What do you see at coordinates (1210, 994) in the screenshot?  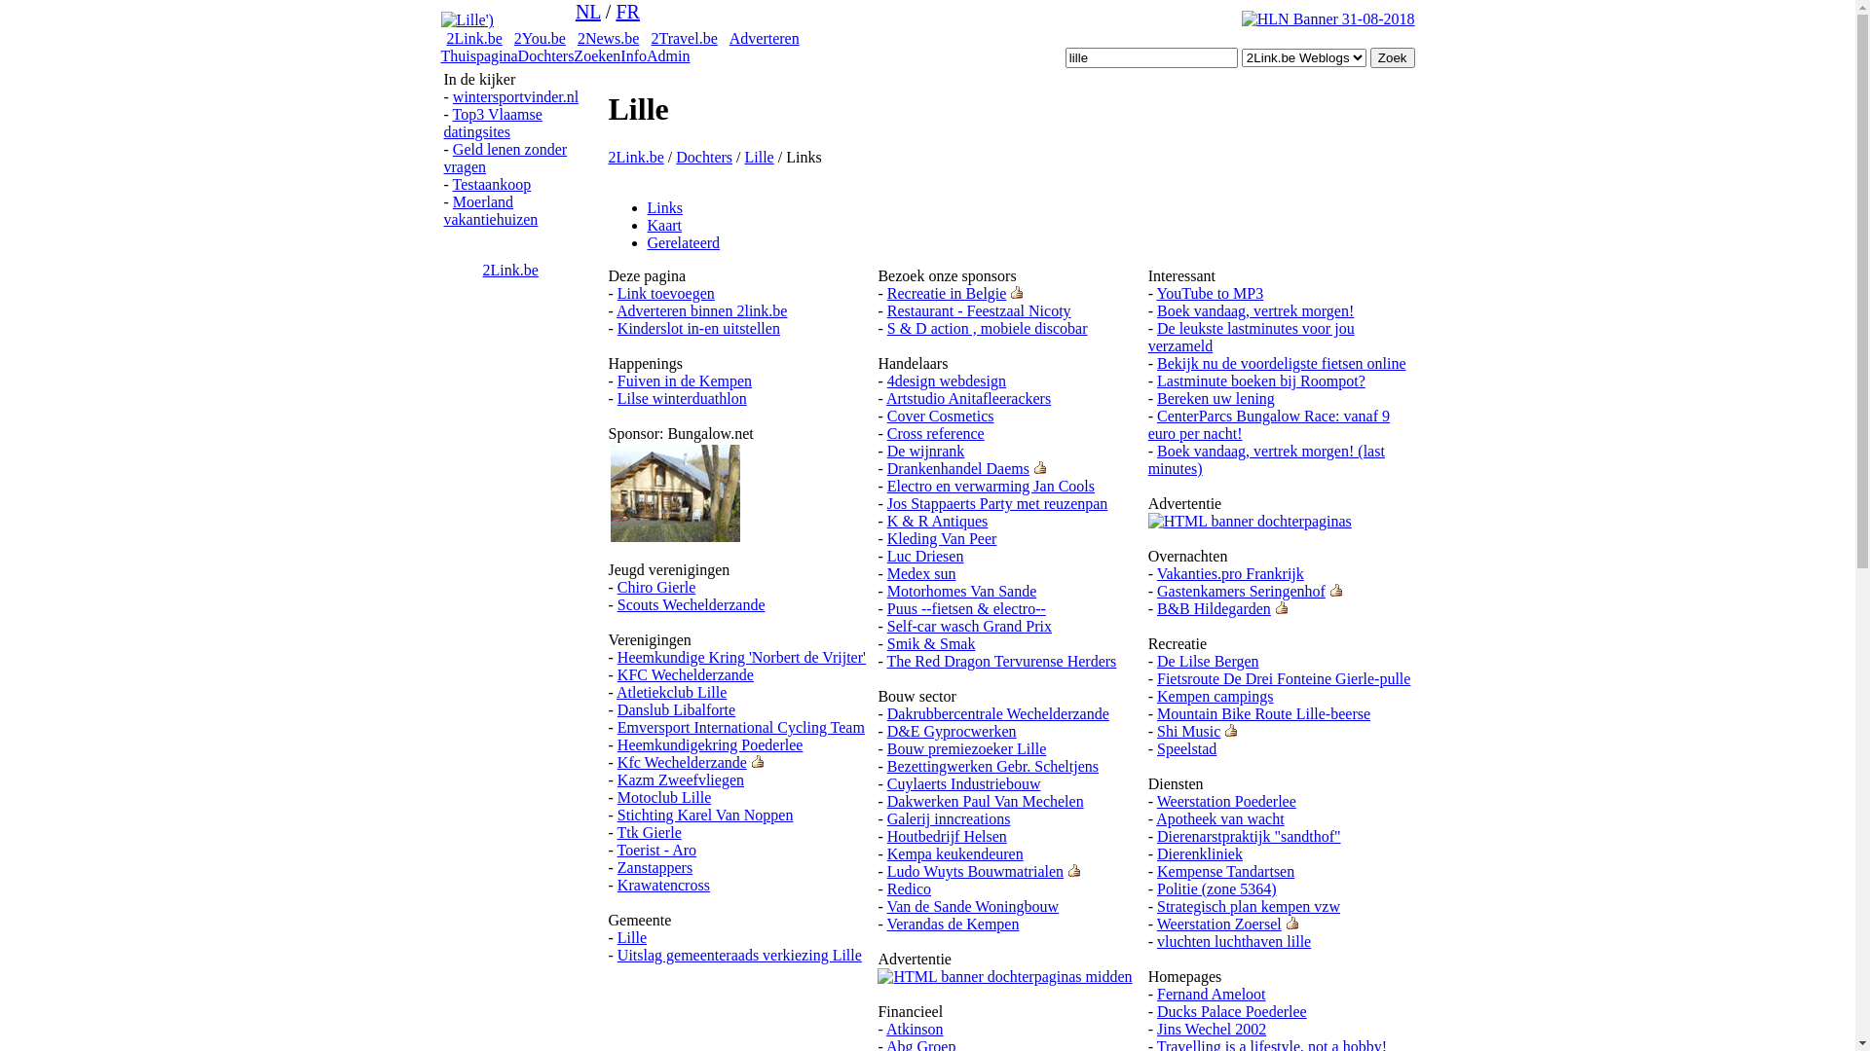 I see `'Fernand Ameloot'` at bounding box center [1210, 994].